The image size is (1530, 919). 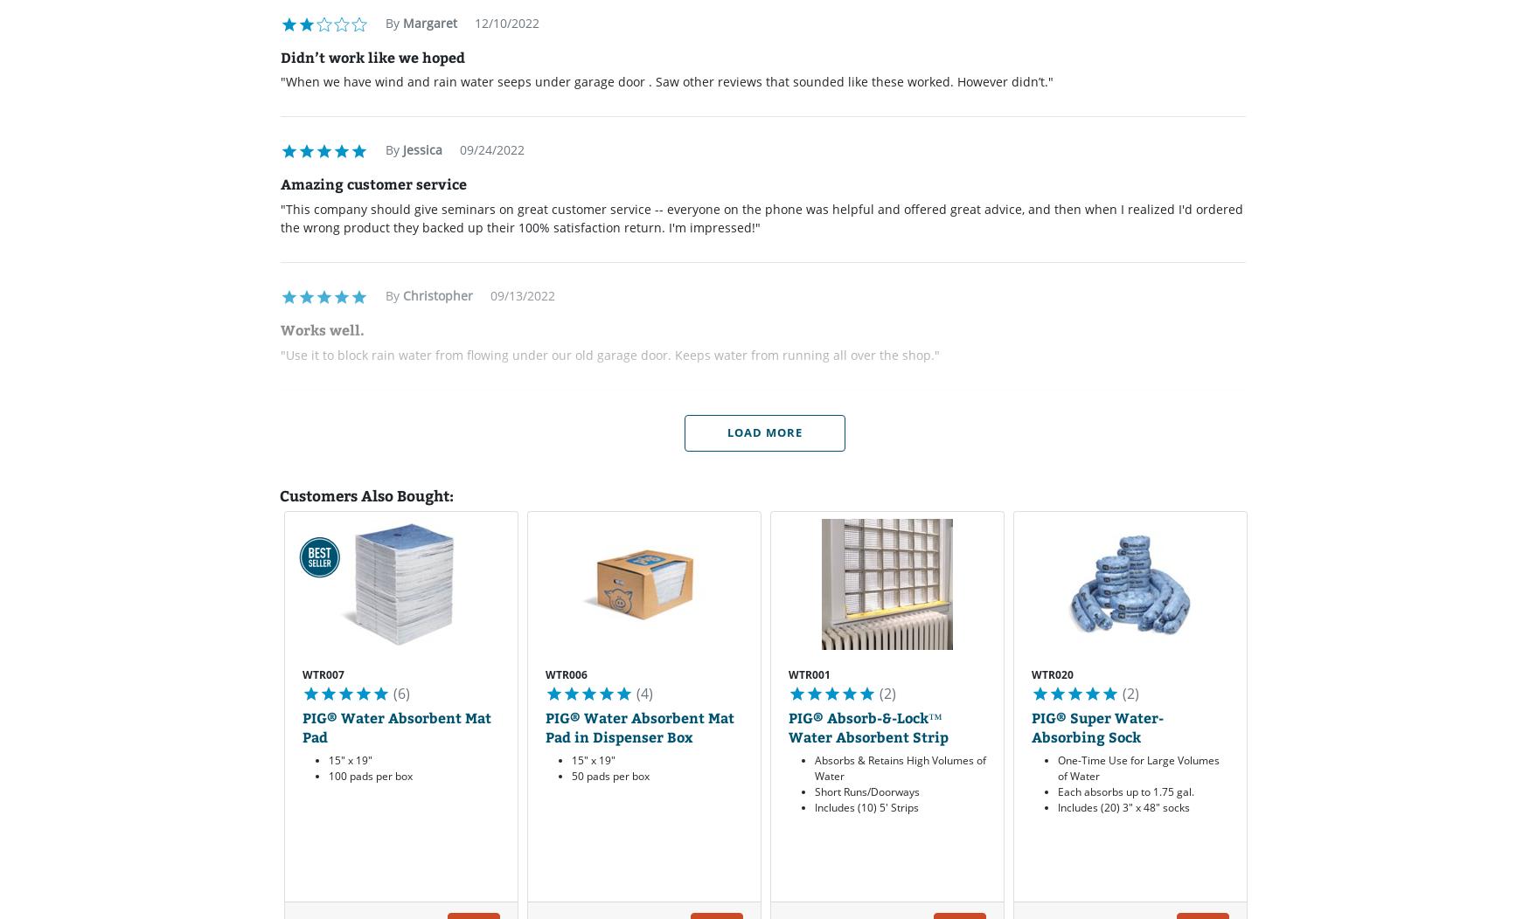 I want to click on 'Didn’t work like we hoped', so click(x=372, y=55).